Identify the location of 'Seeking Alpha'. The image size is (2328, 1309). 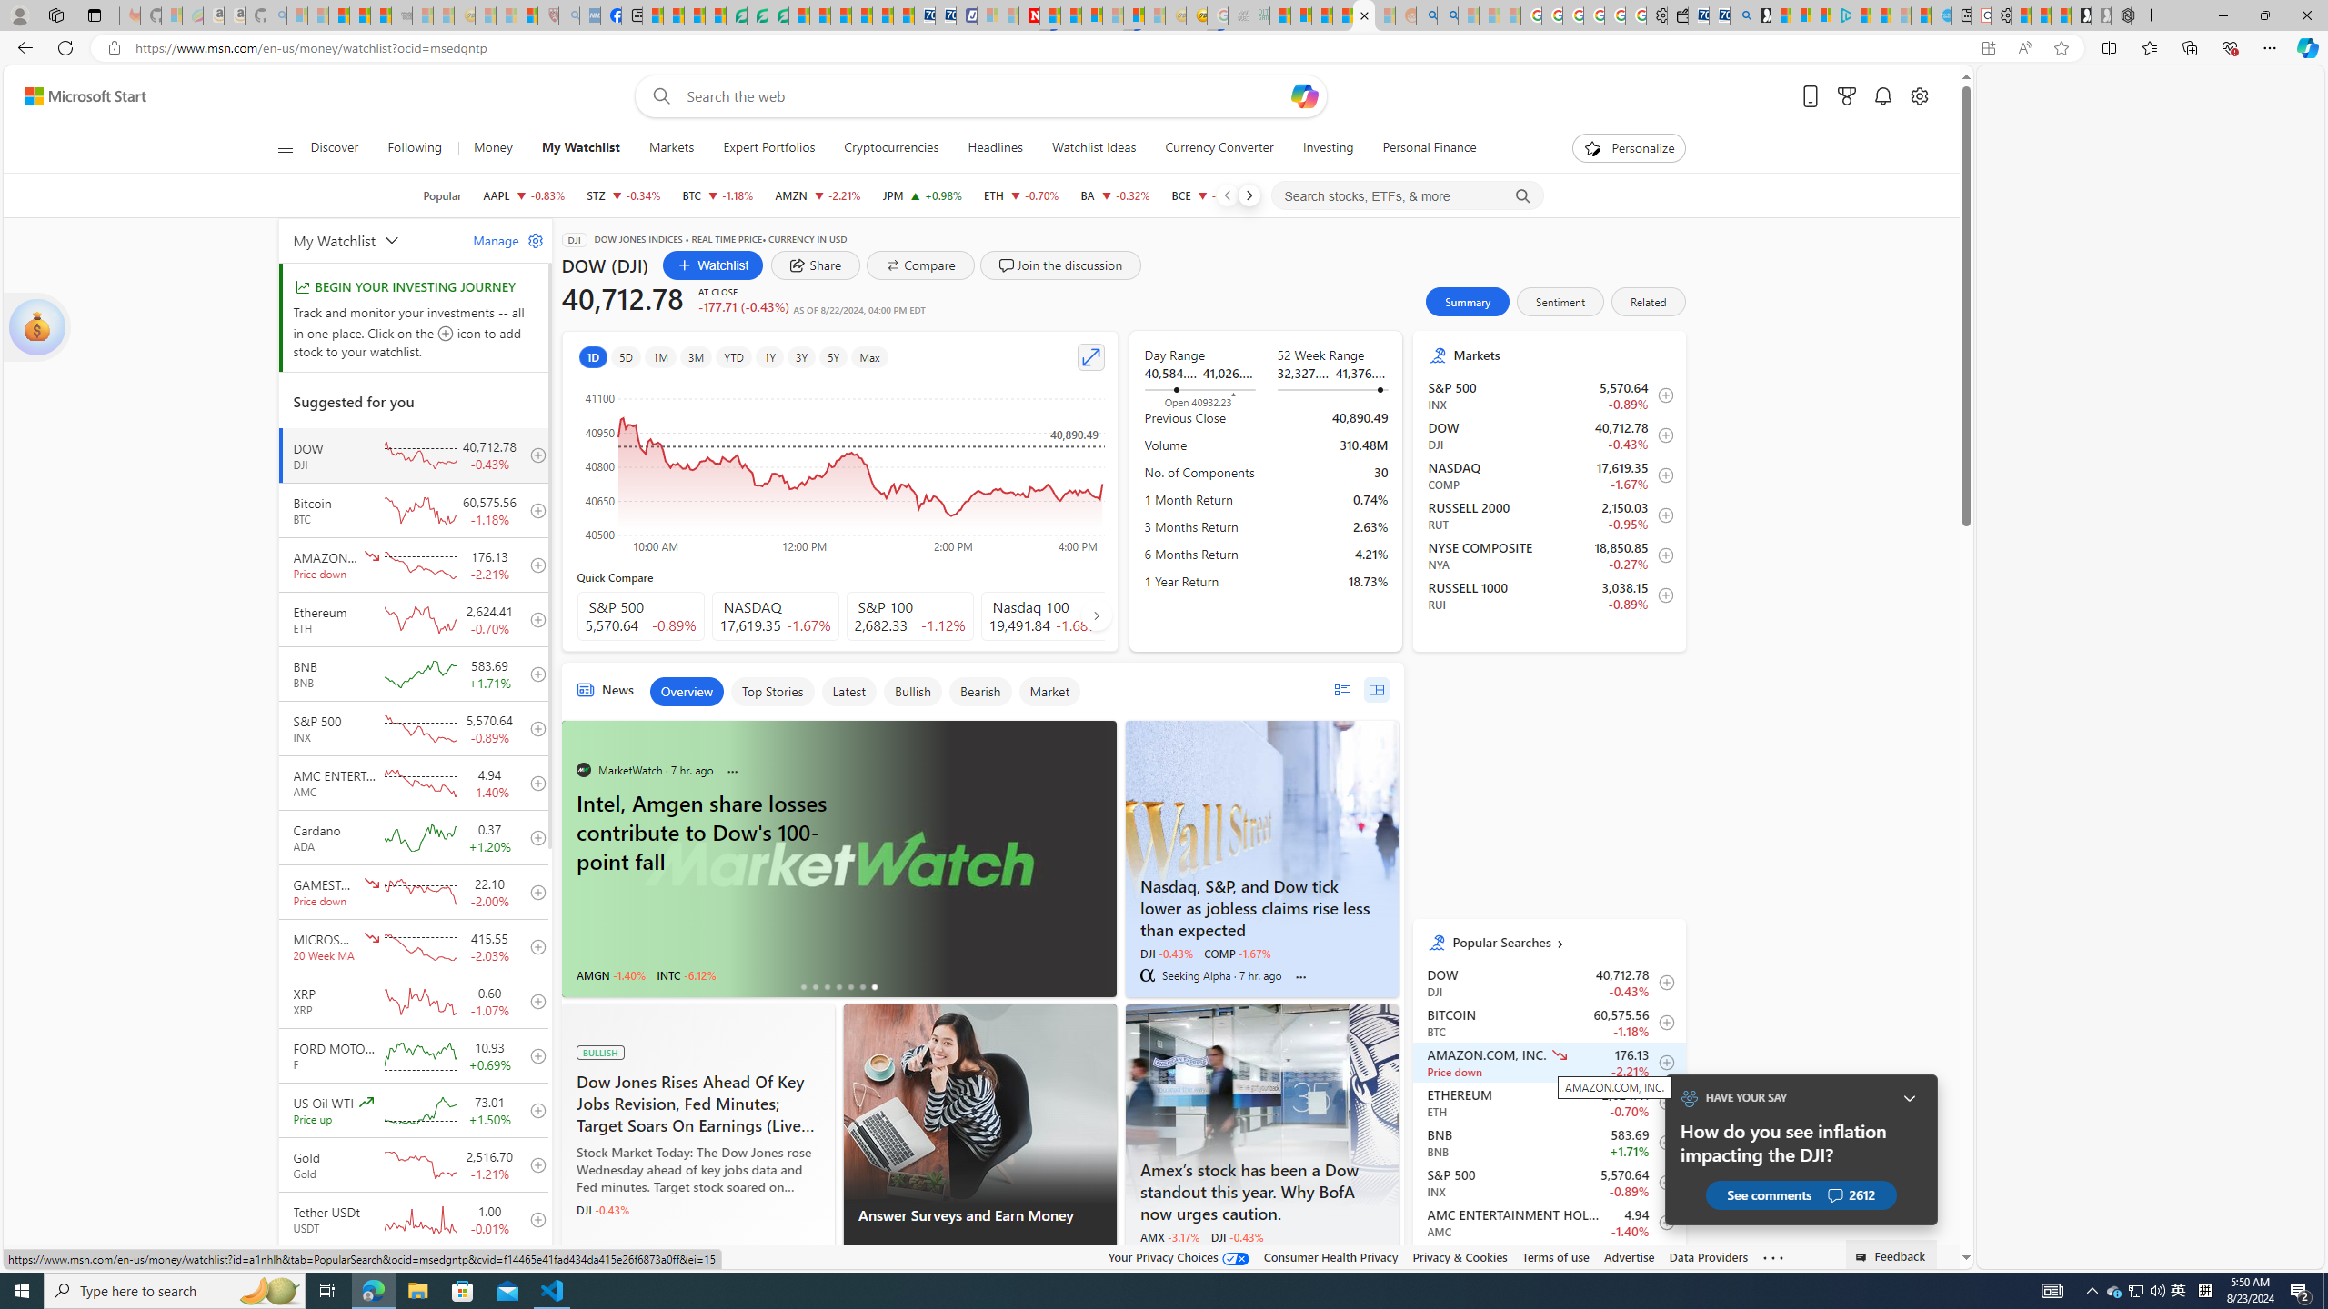
(1145, 974).